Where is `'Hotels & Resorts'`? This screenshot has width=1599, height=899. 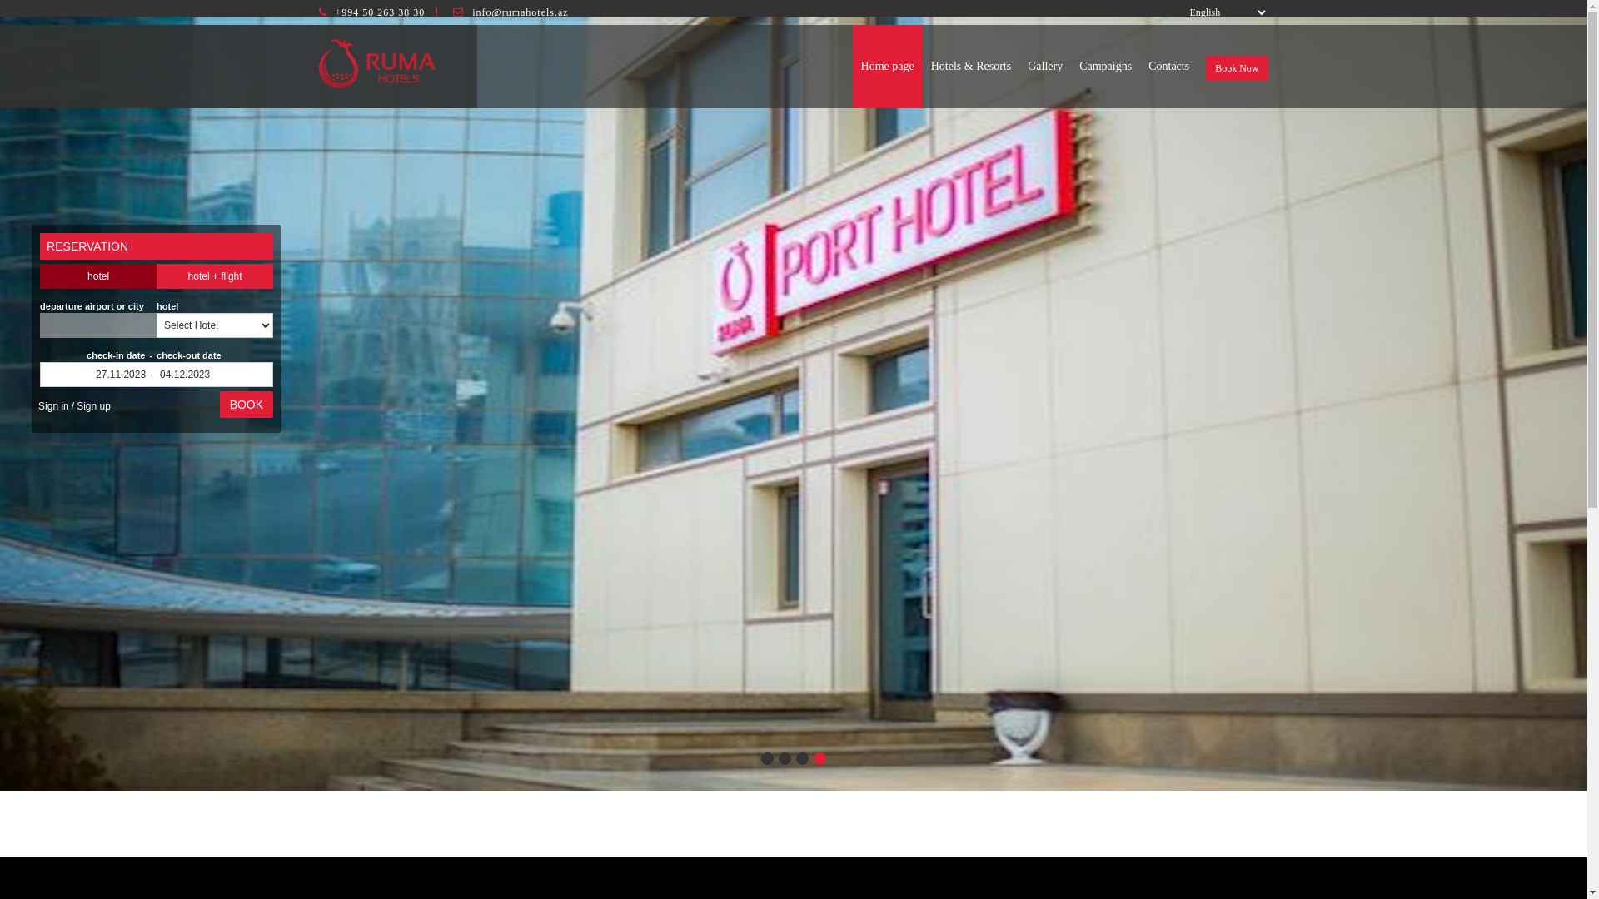 'Hotels & Resorts' is located at coordinates (971, 66).